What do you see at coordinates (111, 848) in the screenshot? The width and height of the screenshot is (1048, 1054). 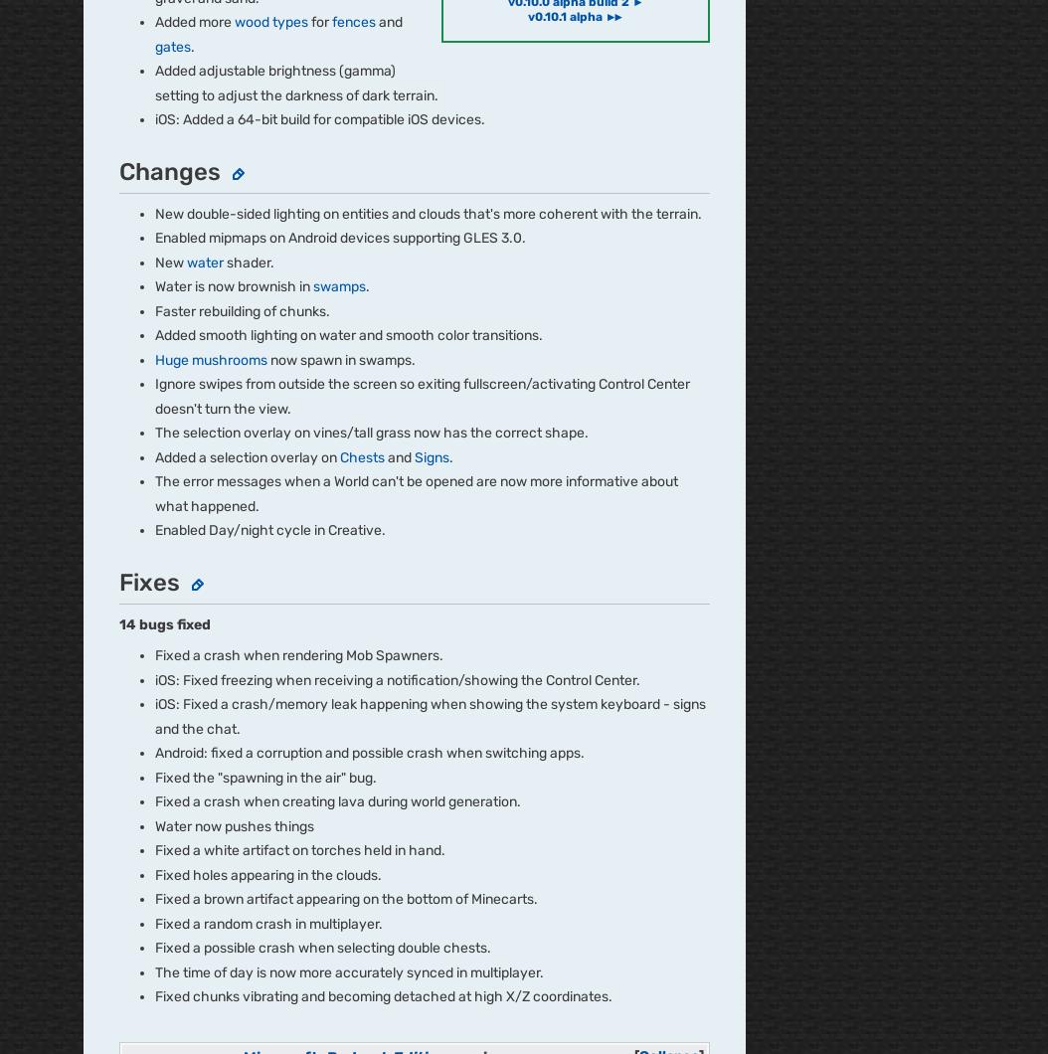 I see `'Media Kit'` at bounding box center [111, 848].